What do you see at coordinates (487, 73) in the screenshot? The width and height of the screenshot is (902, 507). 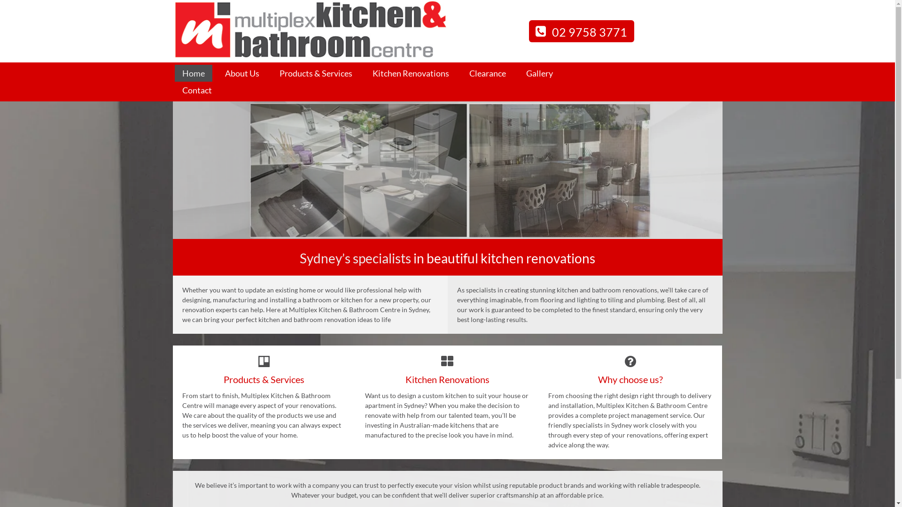 I see `'Clearance'` at bounding box center [487, 73].